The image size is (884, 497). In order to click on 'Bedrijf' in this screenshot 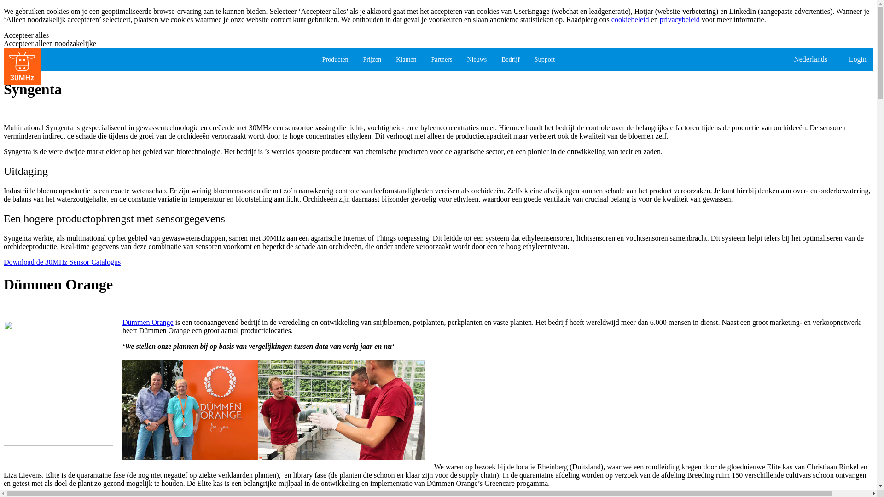, I will do `click(510, 60)`.